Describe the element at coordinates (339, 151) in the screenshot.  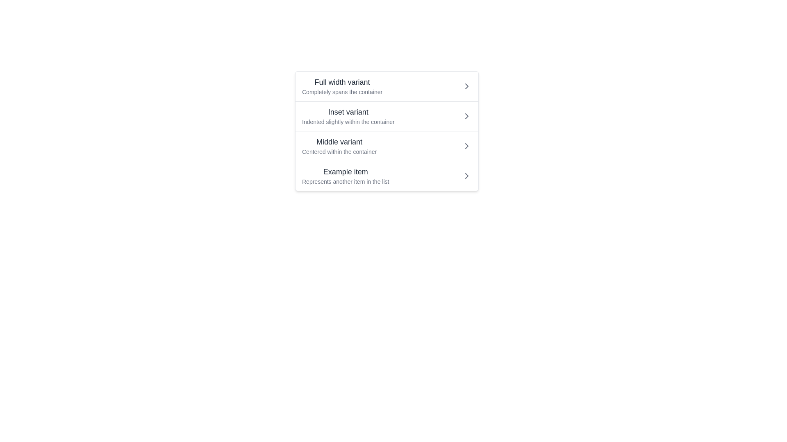
I see `descriptive text label located directly beneath the 'Middle variant' title in the vertical list component, which is the second row of text within the third item` at that location.